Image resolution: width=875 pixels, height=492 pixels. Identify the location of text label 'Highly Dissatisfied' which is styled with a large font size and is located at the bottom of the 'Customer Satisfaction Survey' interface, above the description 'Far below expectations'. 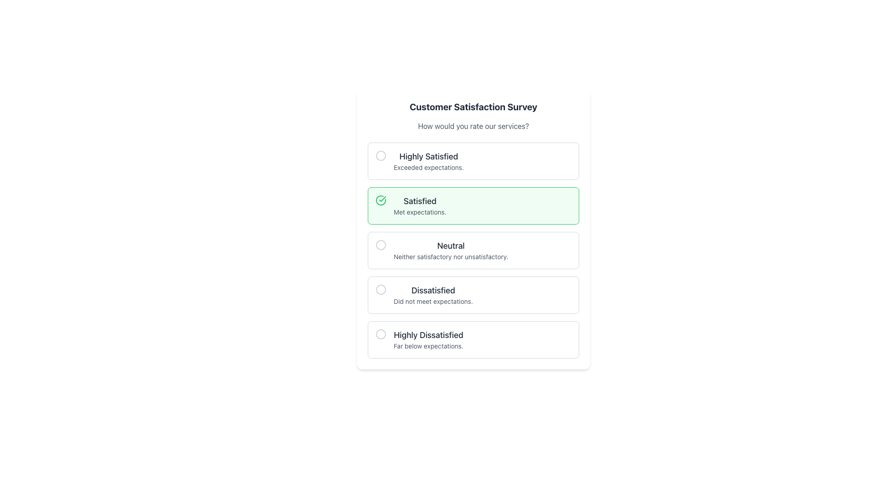
(428, 335).